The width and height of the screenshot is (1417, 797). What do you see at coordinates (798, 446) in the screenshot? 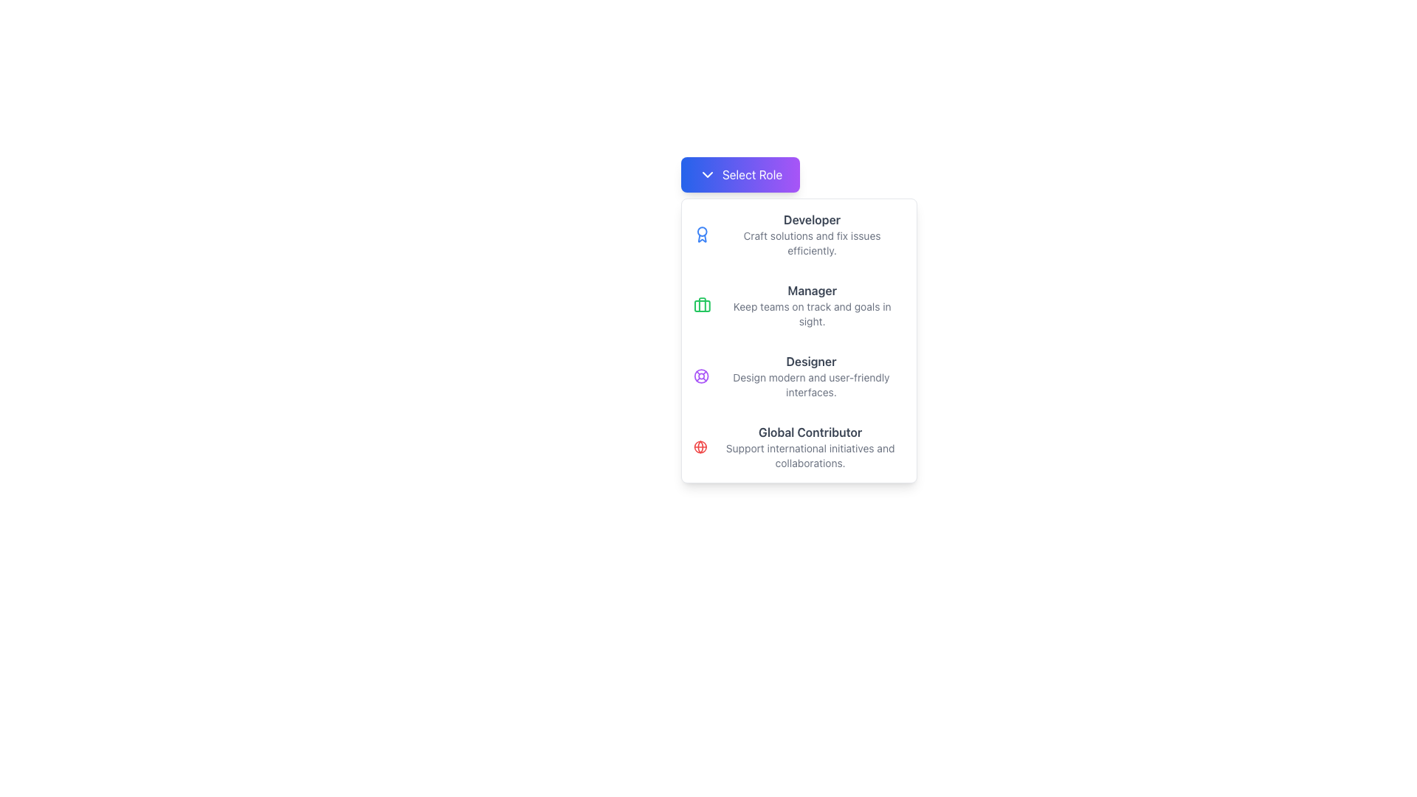
I see `the 'Global Contributor' role selection element` at bounding box center [798, 446].